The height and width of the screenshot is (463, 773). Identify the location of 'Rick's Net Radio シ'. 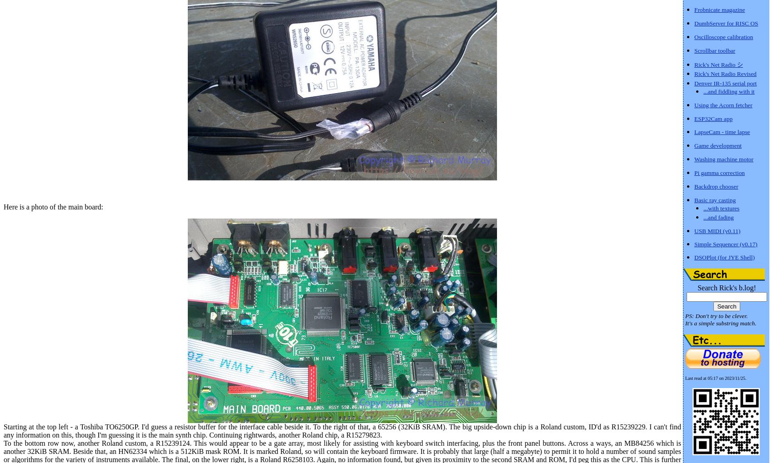
(718, 64).